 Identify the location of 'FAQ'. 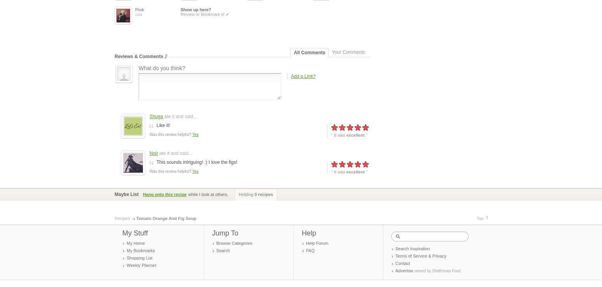
(310, 250).